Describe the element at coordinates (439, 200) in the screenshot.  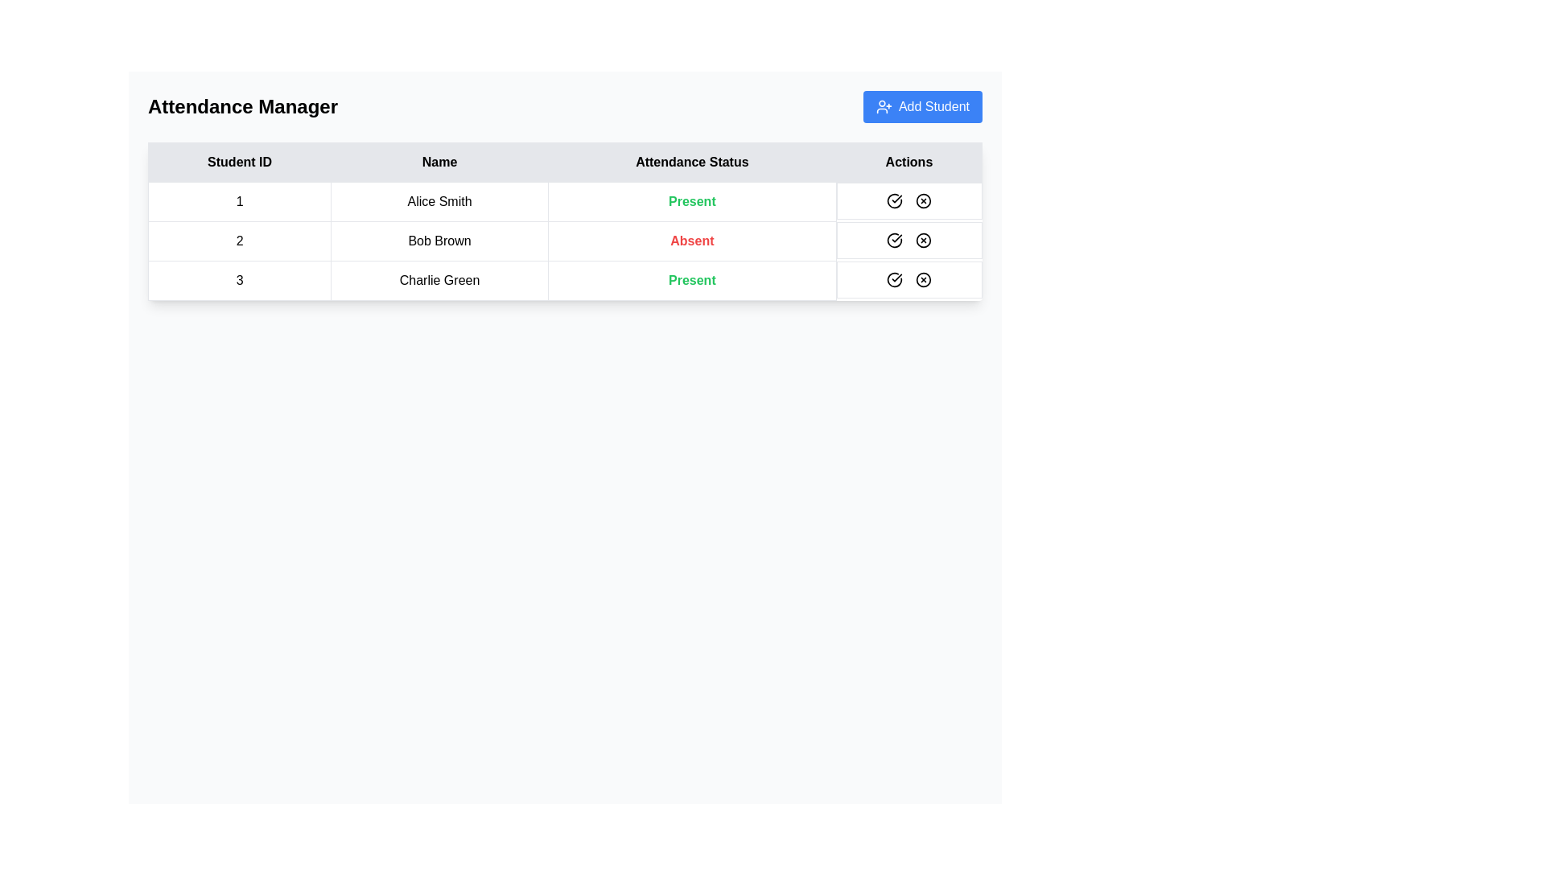
I see `the Text display element that shows 'Alice Smith' in the Name column of the attendance table, which is located in the first row` at that location.